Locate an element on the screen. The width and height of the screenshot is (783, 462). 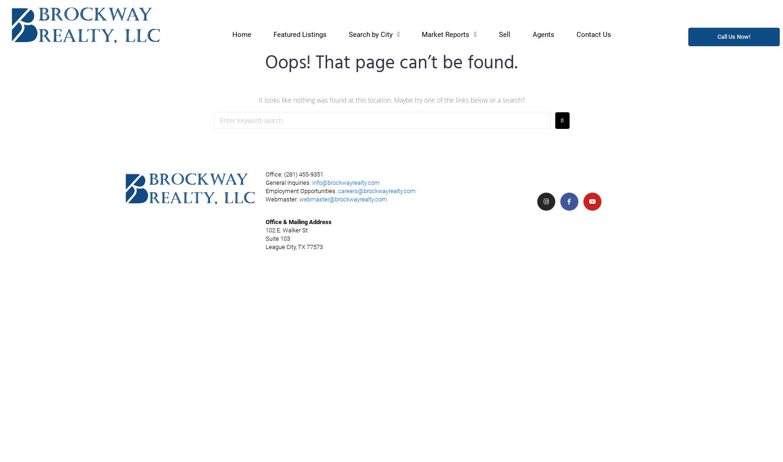
'Sell' is located at coordinates (504, 34).